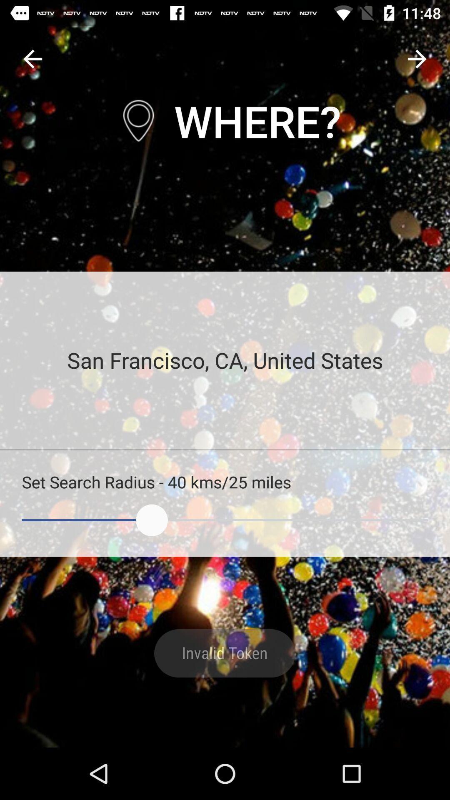 This screenshot has height=800, width=450. What do you see at coordinates (417, 58) in the screenshot?
I see `the arrow_forward icon` at bounding box center [417, 58].